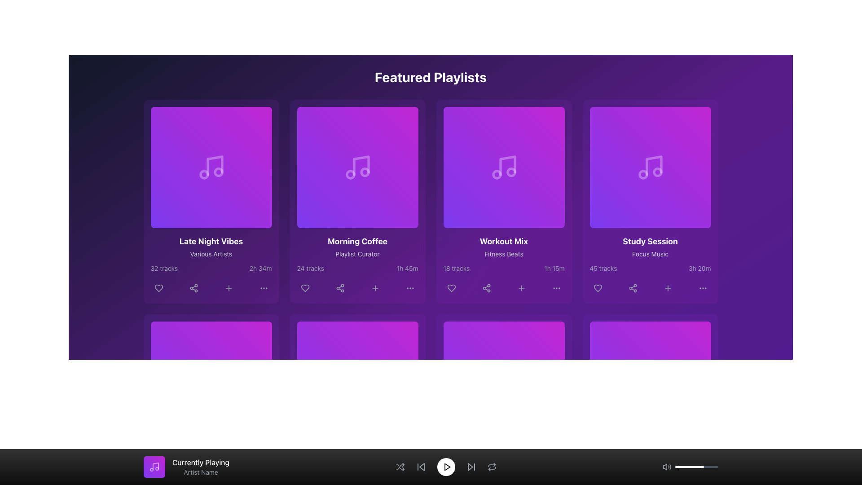  What do you see at coordinates (456, 268) in the screenshot?
I see `text label displaying the number of tracks in the 'Workout Mix' playlist, which is located in the bottom left of the playlist card in the 'Featured Playlists' section, next to the duration '1h 15m'` at bounding box center [456, 268].